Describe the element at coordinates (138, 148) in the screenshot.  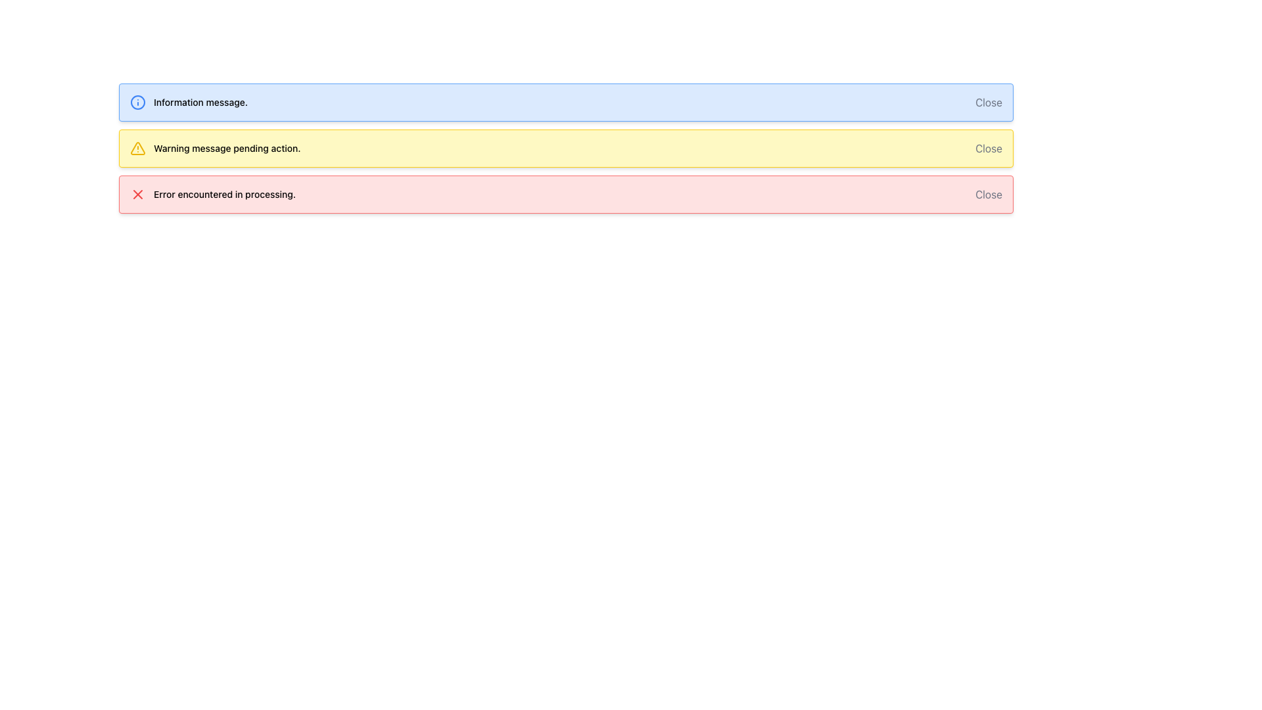
I see `the warning indicator icon located on the left side of the yellow alert box labeled 'Warning message pending action.'` at that location.